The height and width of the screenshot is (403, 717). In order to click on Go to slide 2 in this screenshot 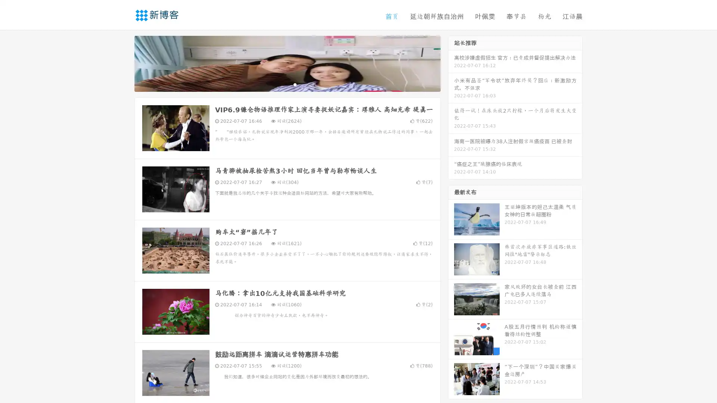, I will do `click(287, 84)`.